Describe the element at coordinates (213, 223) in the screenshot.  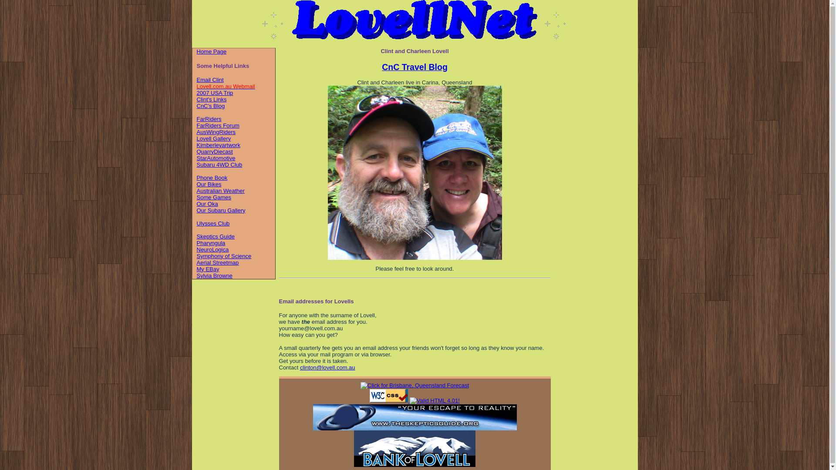
I see `'Ulysses Club'` at that location.